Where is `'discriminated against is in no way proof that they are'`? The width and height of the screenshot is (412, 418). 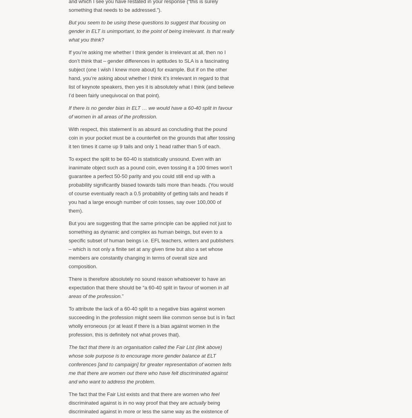
'discriminated against is in no way proof that they are' is located at coordinates (129, 402).